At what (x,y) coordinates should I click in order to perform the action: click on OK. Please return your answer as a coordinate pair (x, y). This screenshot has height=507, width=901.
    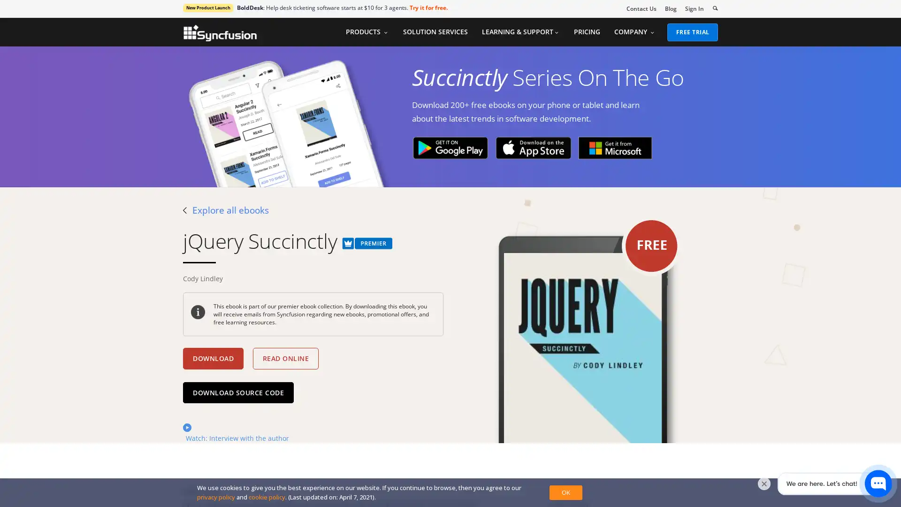
    Looking at the image, I should click on (565, 492).